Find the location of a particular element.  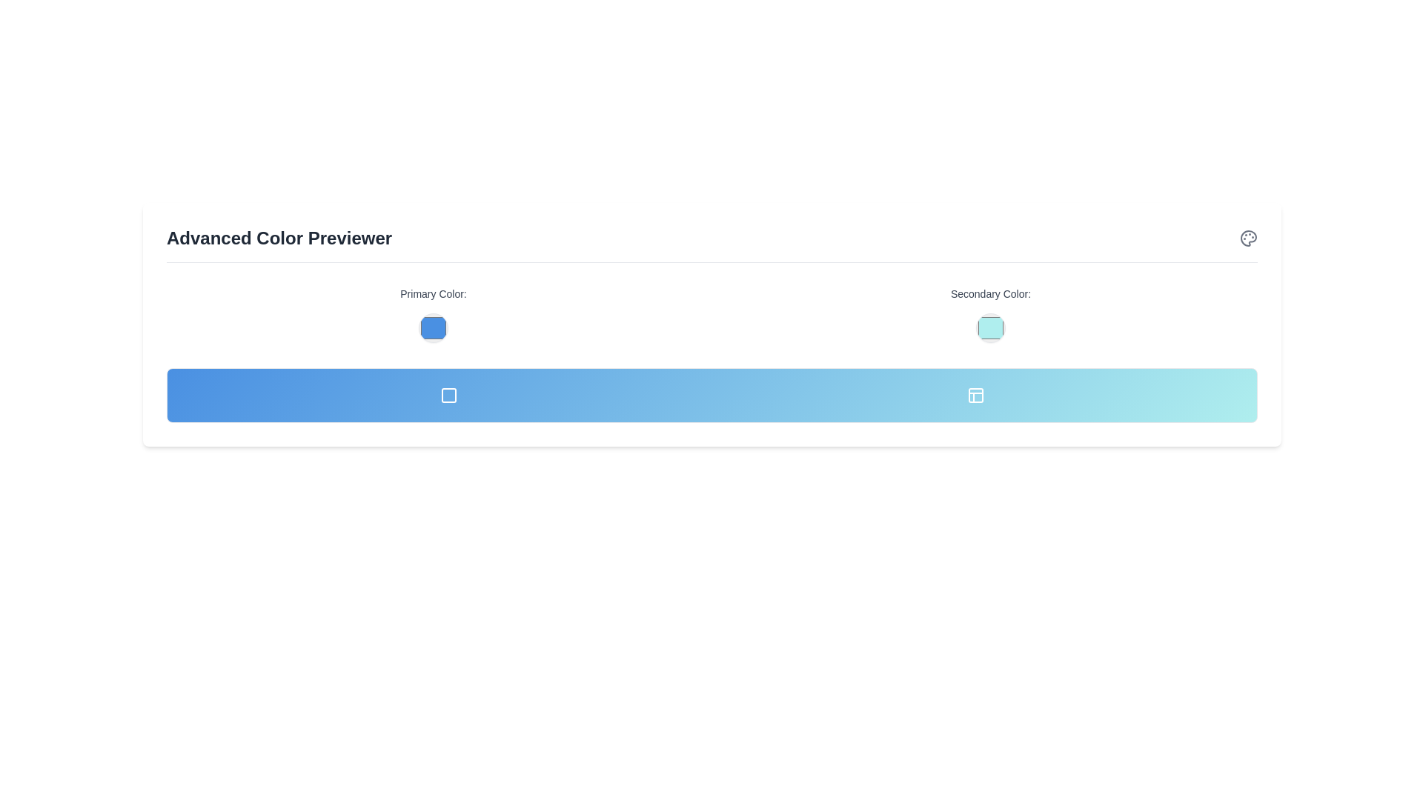

the icon associated with the Advanced Color Previewer section, located at the top-right corner next to the title text is located at coordinates (1247, 237).